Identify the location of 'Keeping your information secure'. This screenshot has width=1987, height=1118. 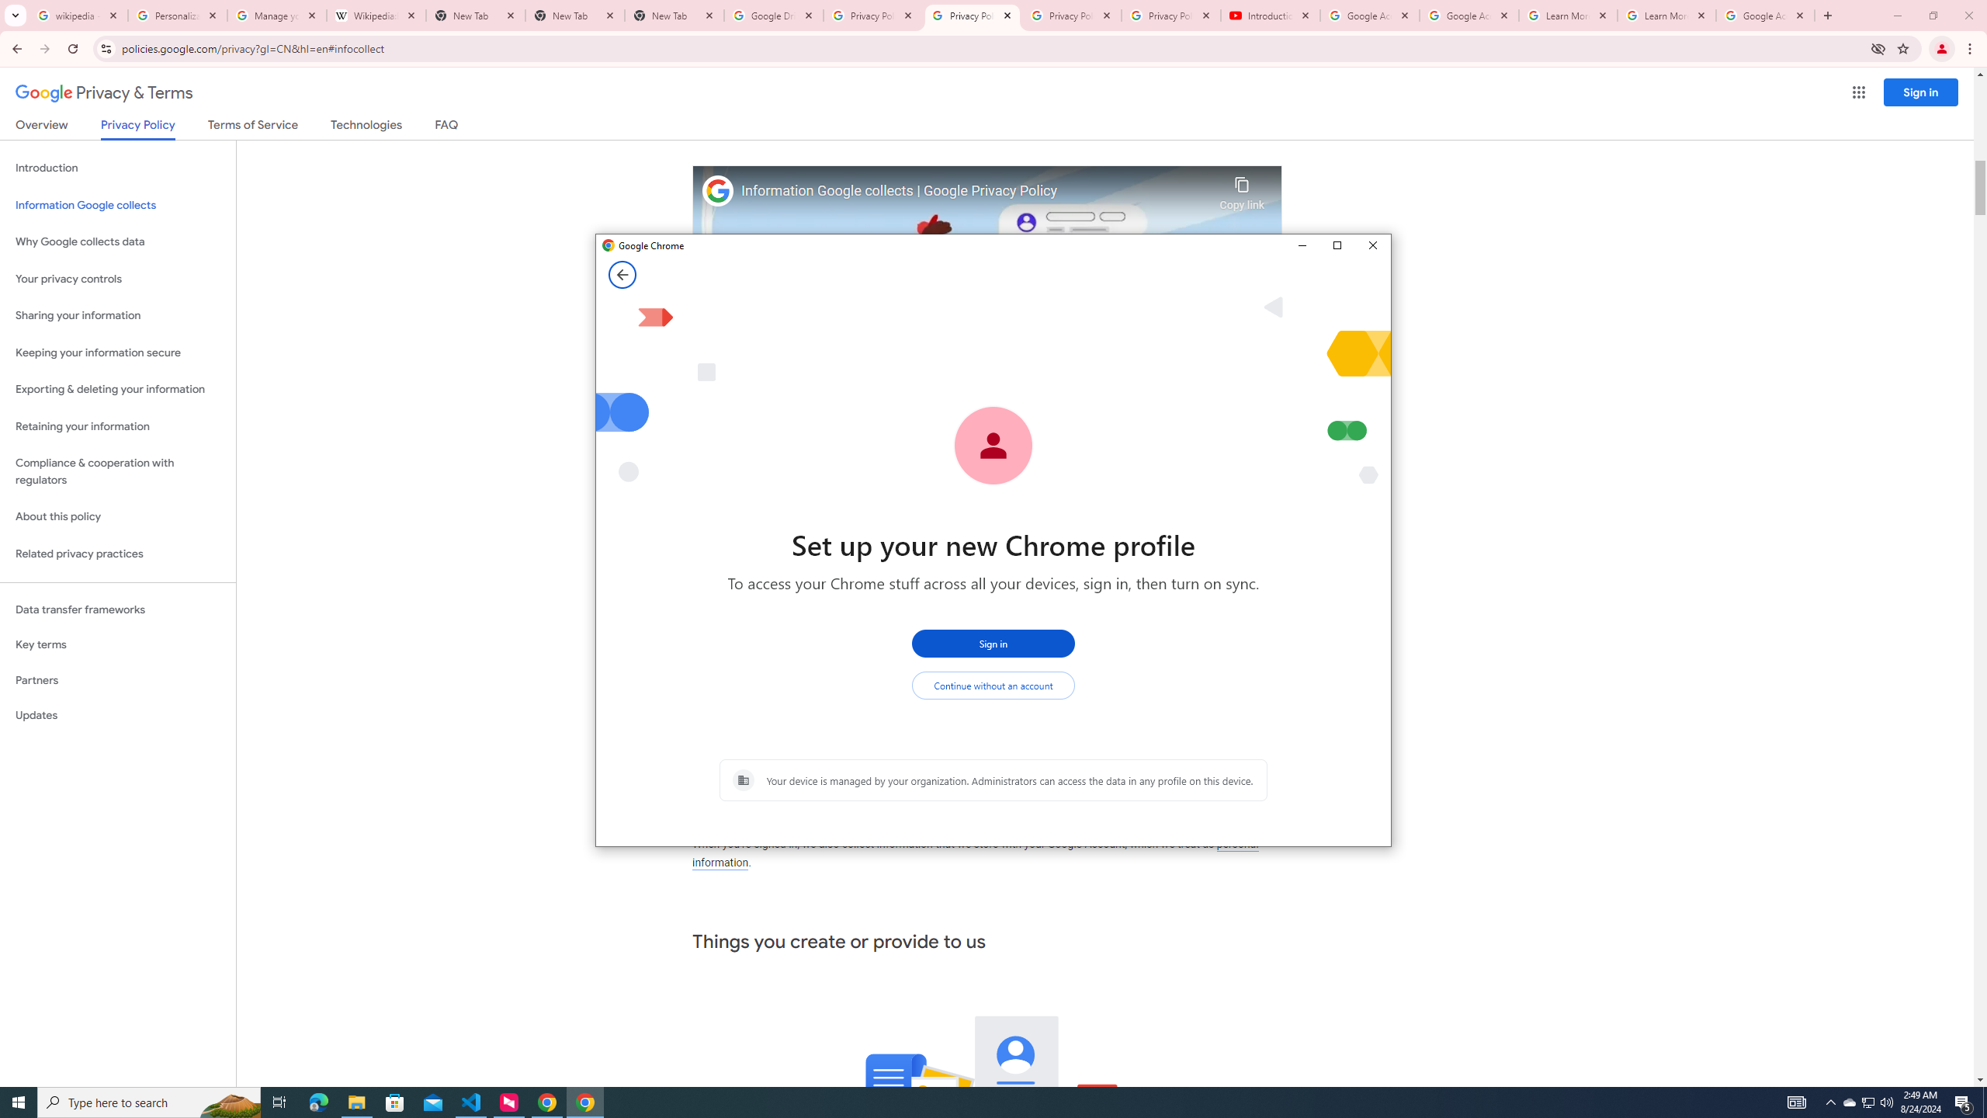
(117, 353).